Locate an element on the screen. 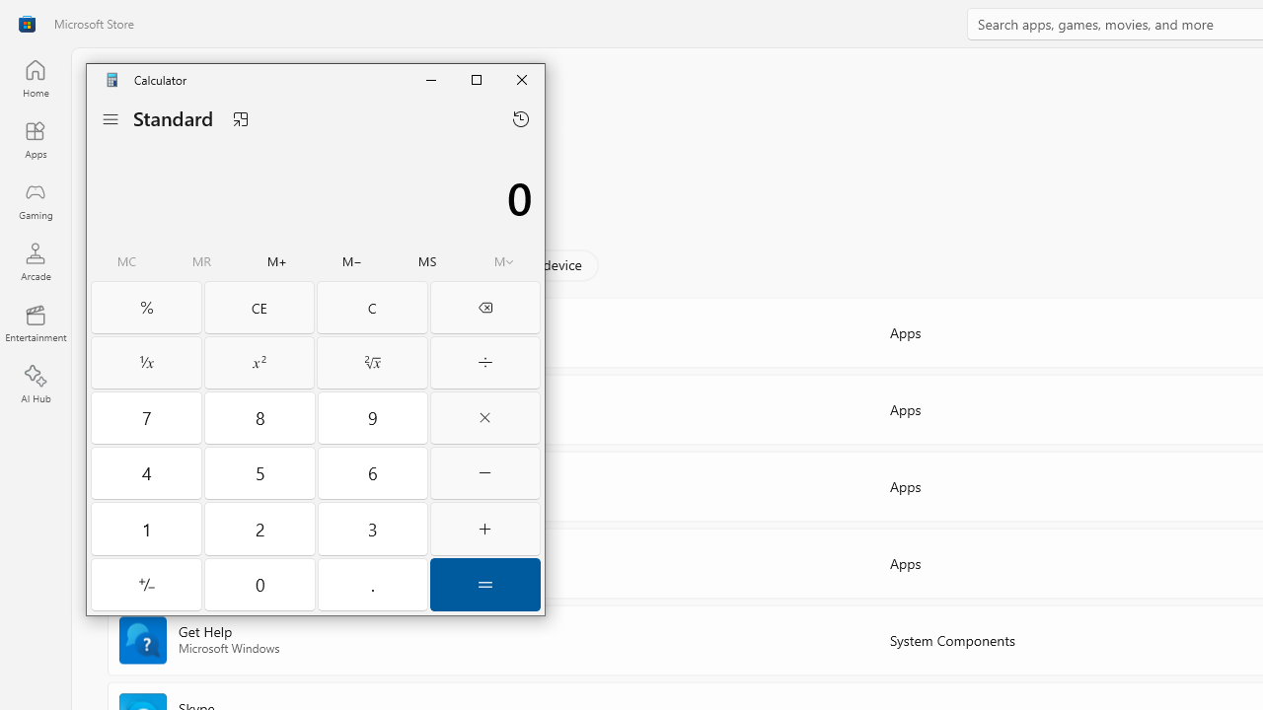  'Percent' is located at coordinates (145, 308).